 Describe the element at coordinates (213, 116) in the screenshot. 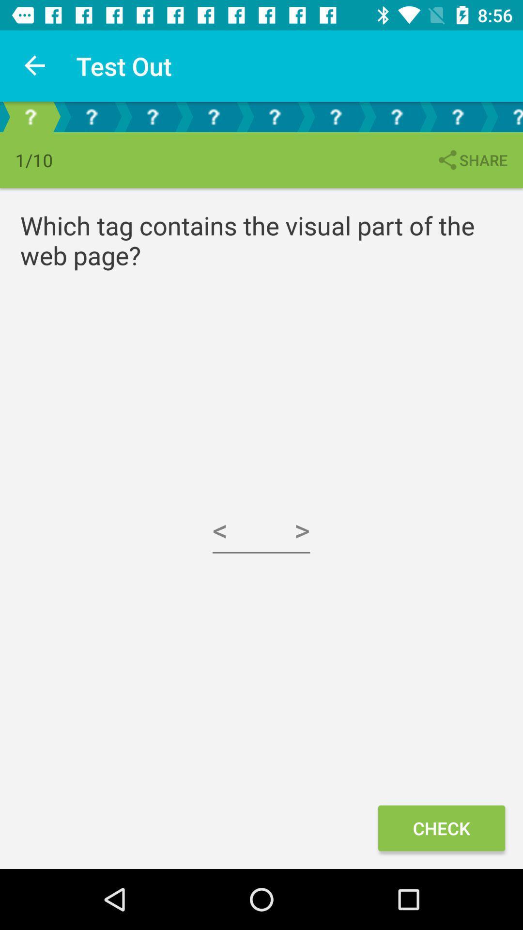

I see `fourth test section` at that location.